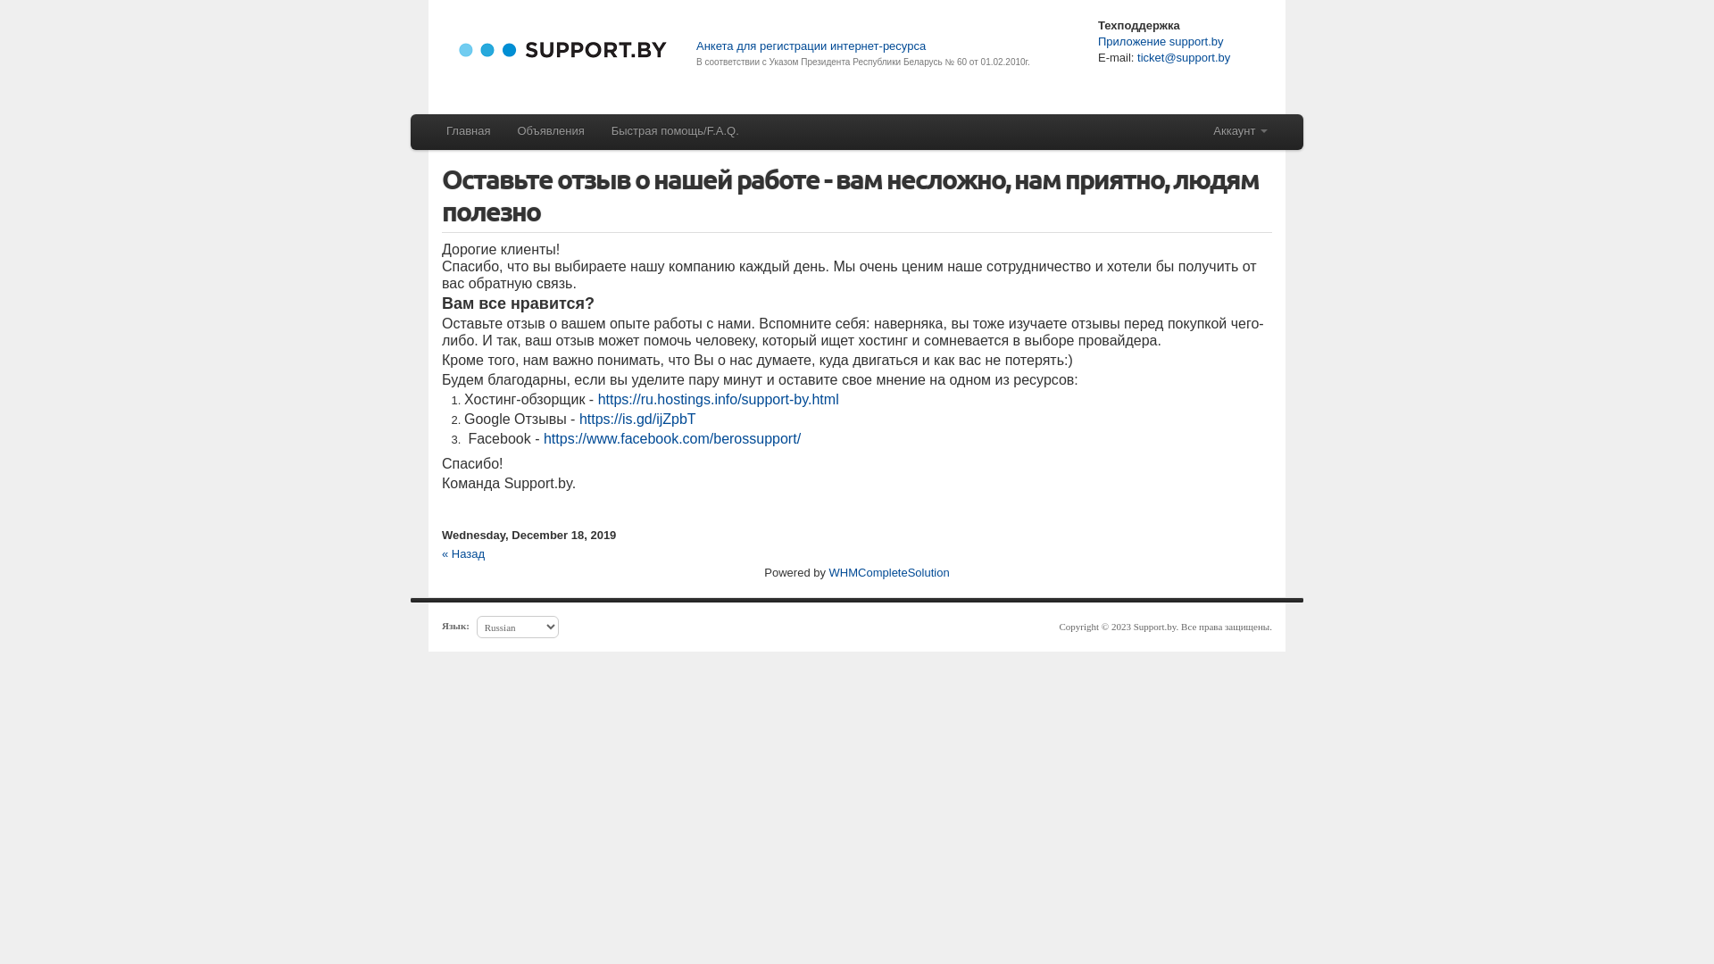 Image resolution: width=1714 pixels, height=964 pixels. What do you see at coordinates (1182, 56) in the screenshot?
I see `'ticket@support.by'` at bounding box center [1182, 56].